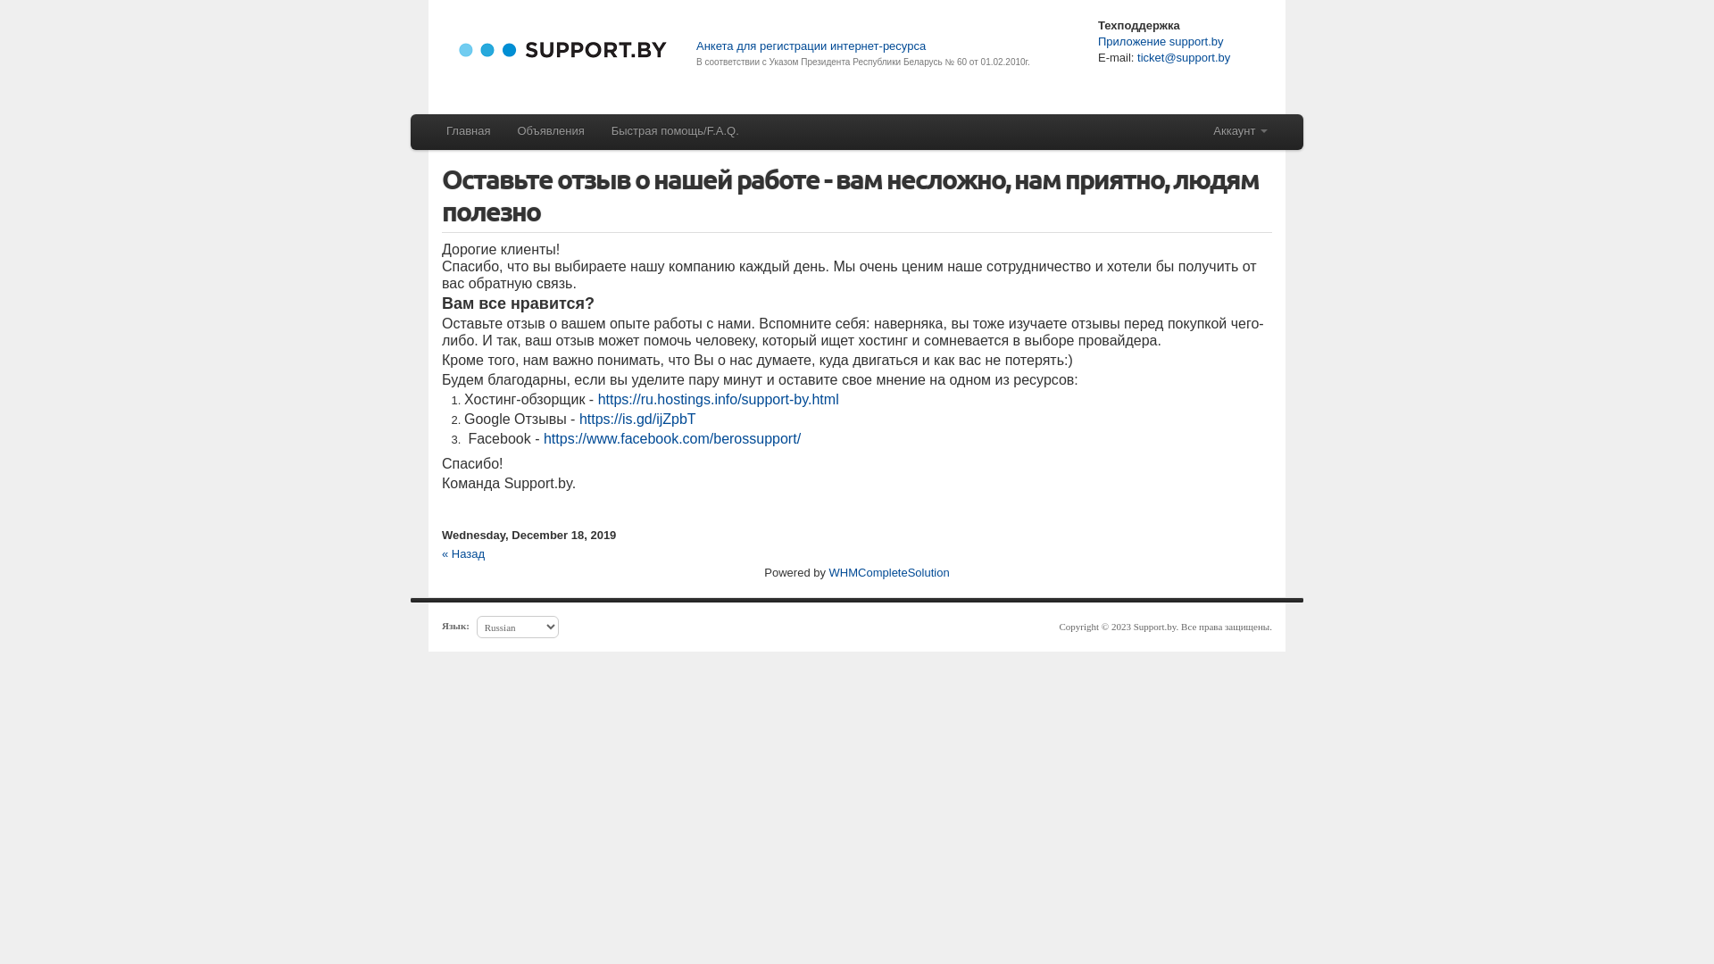 Image resolution: width=1714 pixels, height=964 pixels. What do you see at coordinates (1182, 56) in the screenshot?
I see `'ticket@support.by'` at bounding box center [1182, 56].